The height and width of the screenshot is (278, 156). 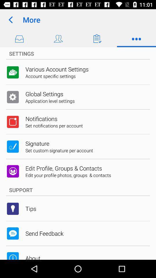 What do you see at coordinates (78, 190) in the screenshot?
I see `support icon` at bounding box center [78, 190].